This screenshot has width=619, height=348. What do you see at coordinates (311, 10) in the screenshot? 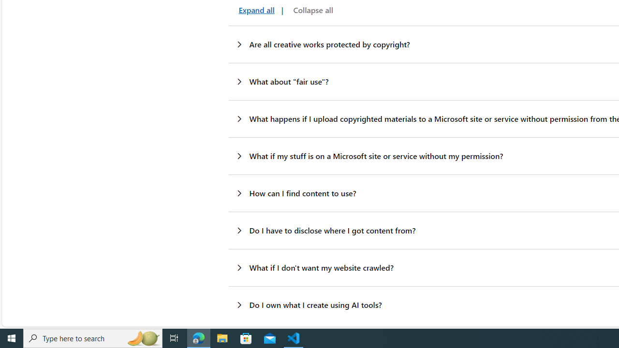
I see `' Collapse all'` at bounding box center [311, 10].